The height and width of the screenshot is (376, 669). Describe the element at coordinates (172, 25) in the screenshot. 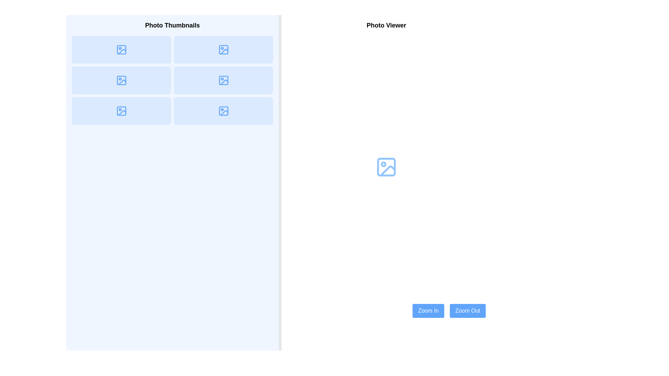

I see `the 'Photo Thumbnails' text label, which is prominently displayed in bold and enlarged font at the top of the left panel, above the photo thumbnails grid` at that location.